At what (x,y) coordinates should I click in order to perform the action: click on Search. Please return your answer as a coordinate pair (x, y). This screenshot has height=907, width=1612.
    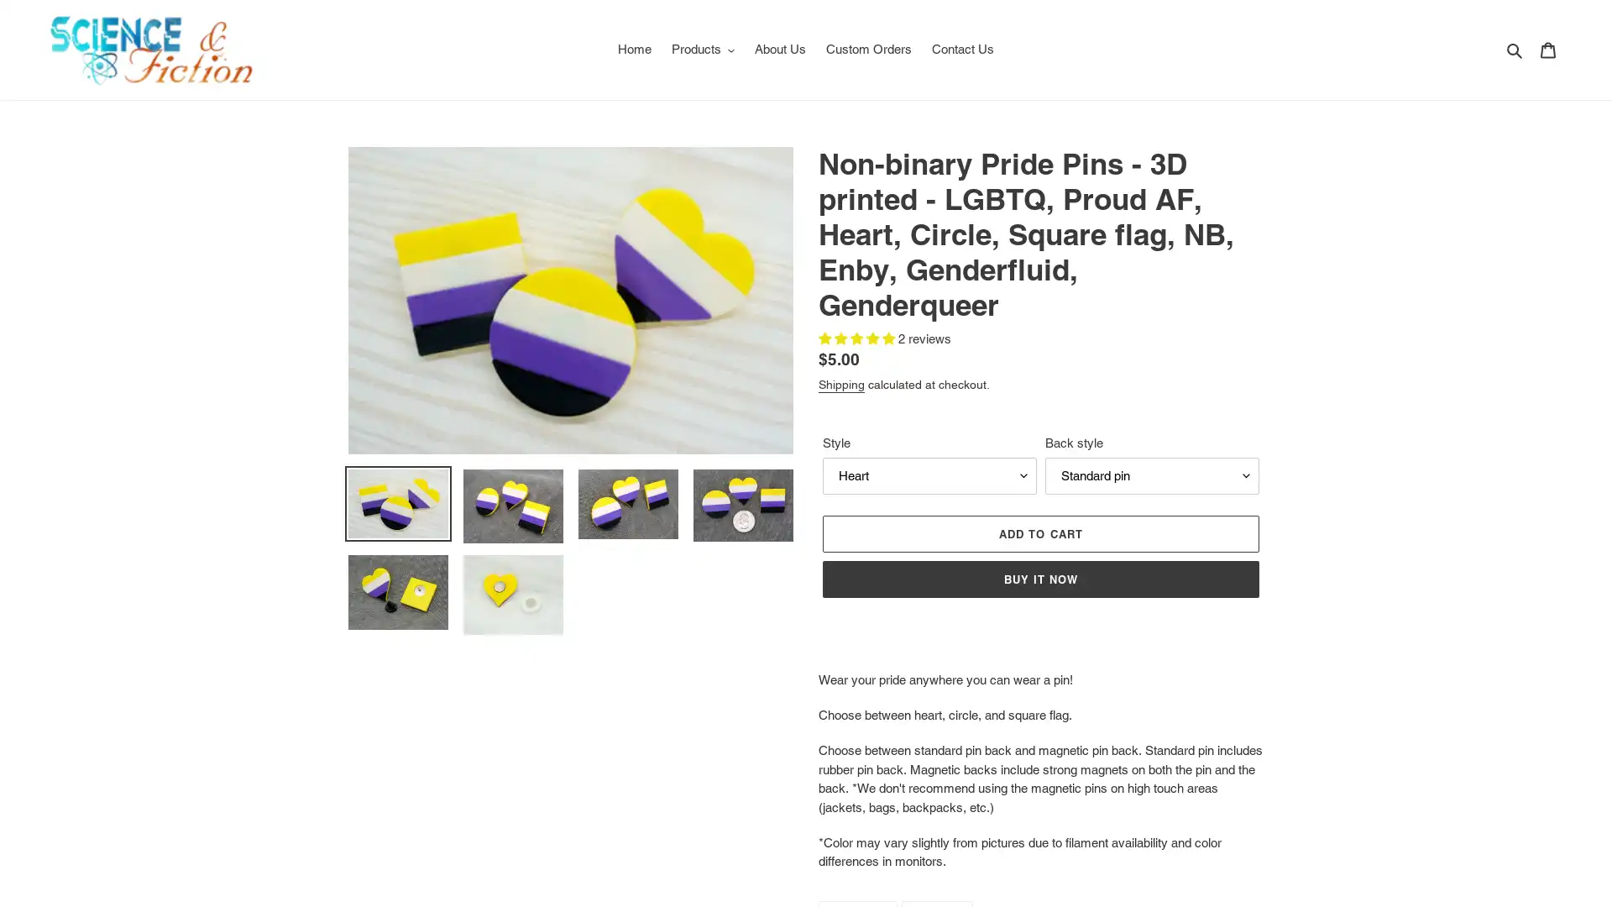
    Looking at the image, I should click on (1515, 48).